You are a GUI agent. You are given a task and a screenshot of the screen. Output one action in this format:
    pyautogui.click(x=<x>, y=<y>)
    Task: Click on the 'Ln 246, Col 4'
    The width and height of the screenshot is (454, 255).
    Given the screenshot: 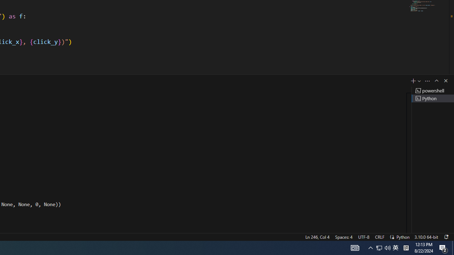 What is the action you would take?
    pyautogui.click(x=317, y=237)
    